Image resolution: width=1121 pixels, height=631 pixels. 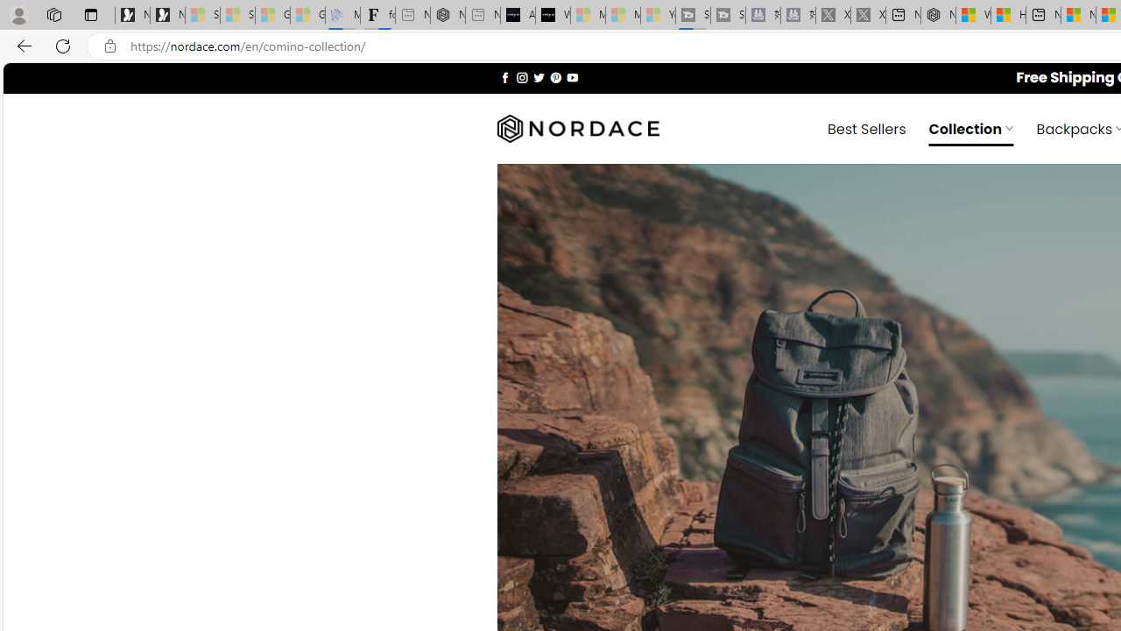 I want to click on 'Follow on YouTube', so click(x=572, y=76).